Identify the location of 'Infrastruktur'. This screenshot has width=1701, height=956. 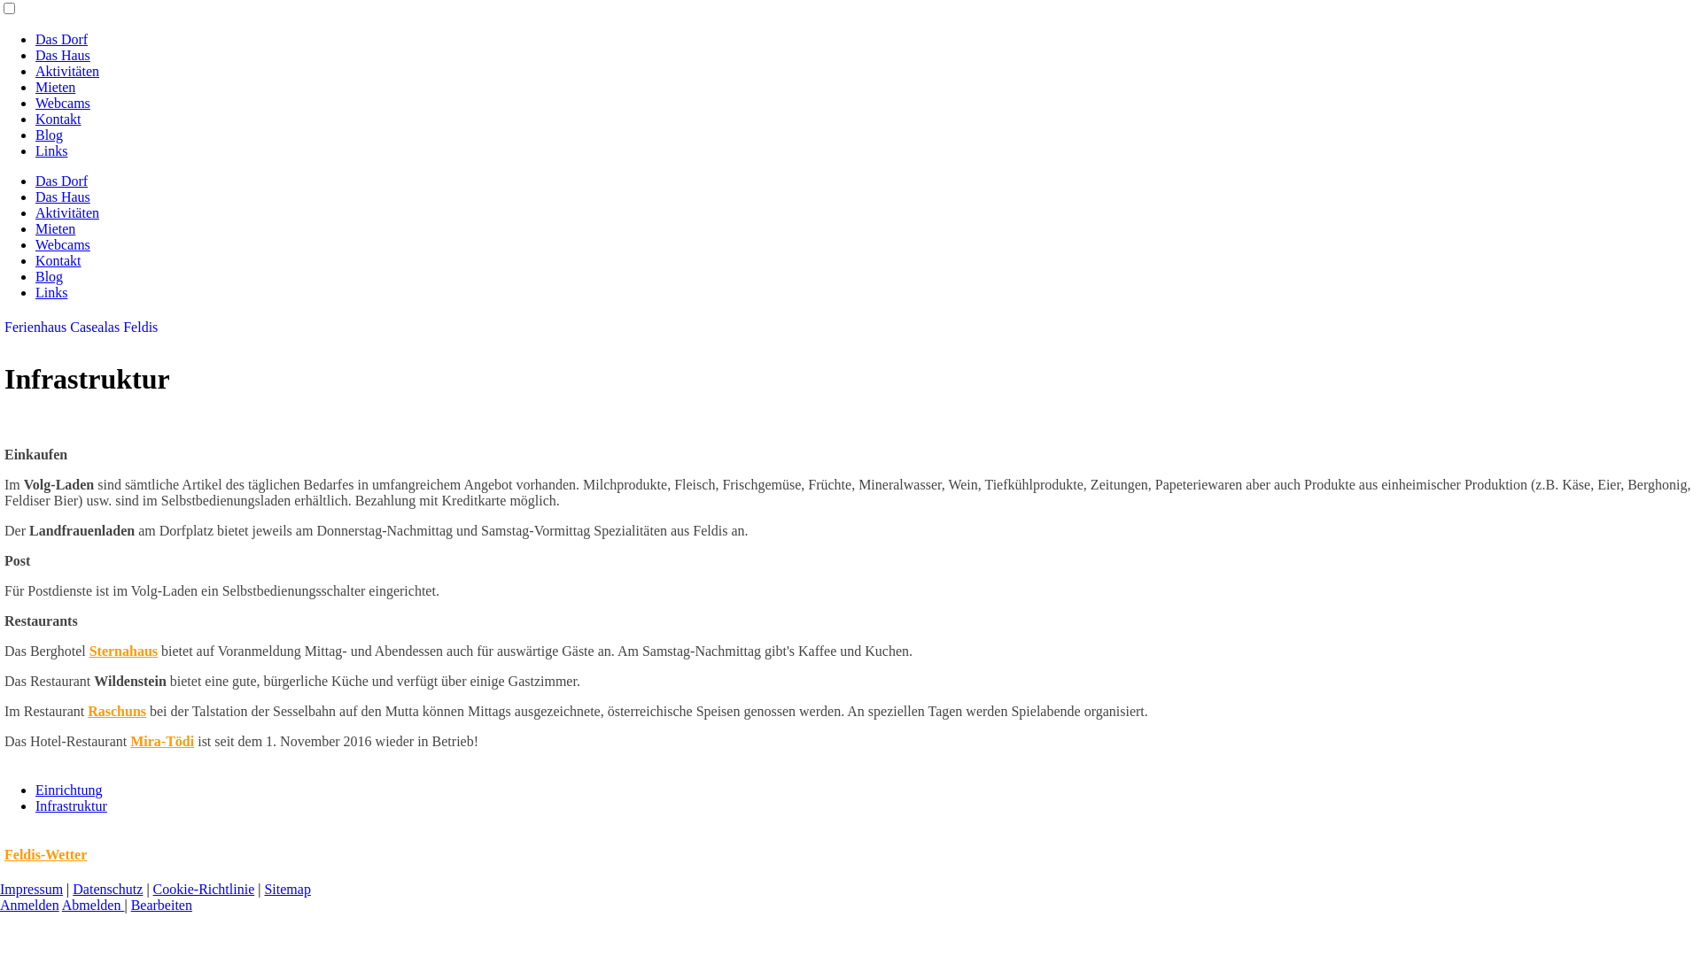
(71, 806).